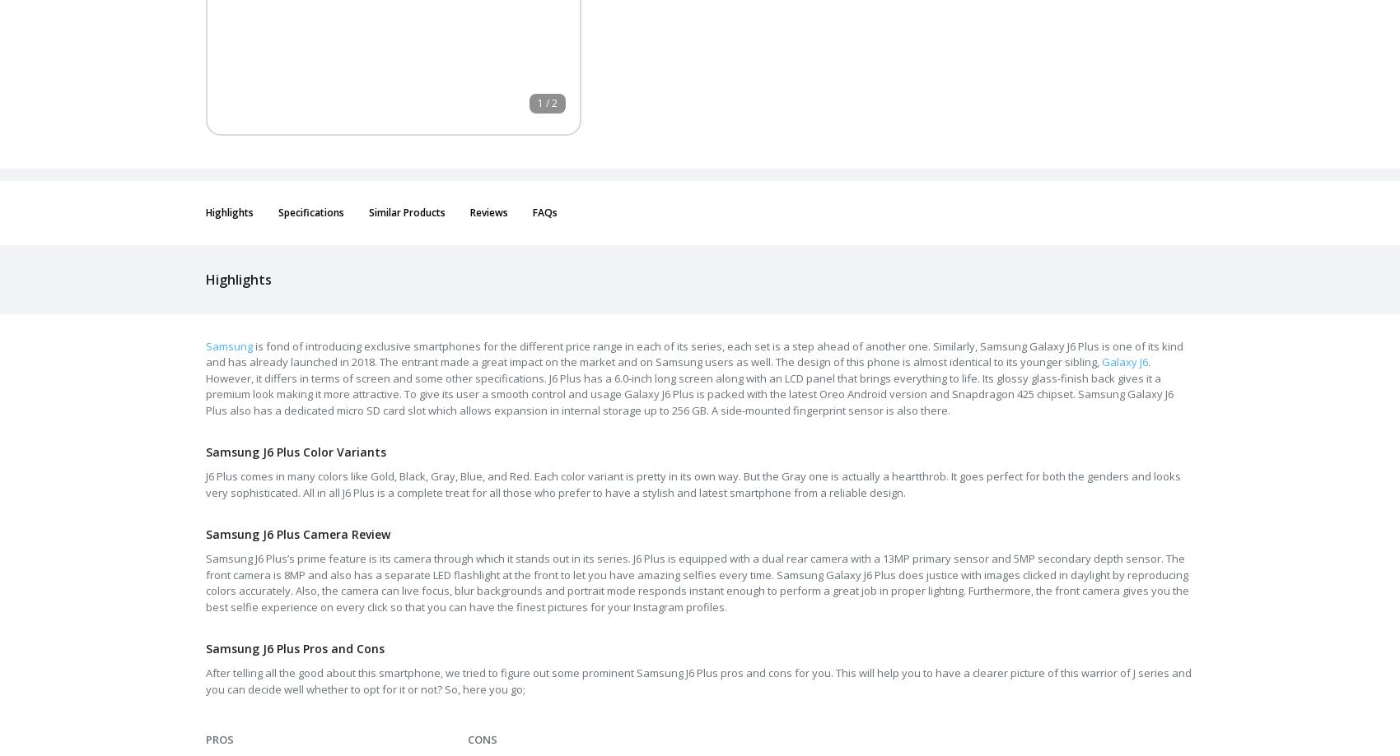  I want to click on 'Samsung J6 Plus’s prime feature is its camera through which it stands out in its series. J6 Plus is equipped with a dual rear camera with a 13MP primary sensor and 5MP secondary depth sensor. The front camera is 8MP and also has a separate LED flashlight at the front to let you have amazing selfies every time. Samsung Galaxy J6 Plus does justice with images clicked in daylight by reproducing colors accurately. Also, the camera can live focus, blur backgrounds and portrait mode responds instant enough to perform a great job in proper lighting. Furthermore, the front camera gives you the best selfie experience on every click so that you can have the finest pictures for your Instagram profiles.', so click(206, 581).